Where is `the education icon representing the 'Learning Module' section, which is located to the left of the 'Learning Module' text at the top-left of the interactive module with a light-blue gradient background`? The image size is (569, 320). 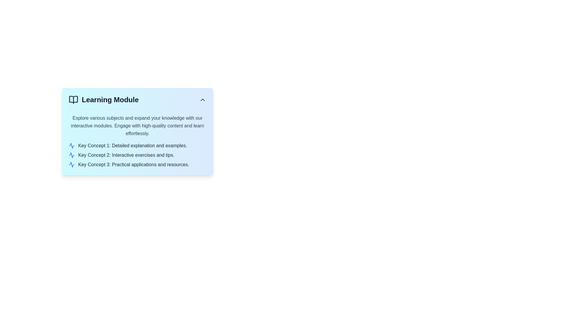 the education icon representing the 'Learning Module' section, which is located to the left of the 'Learning Module' text at the top-left of the interactive module with a light-blue gradient background is located at coordinates (73, 99).